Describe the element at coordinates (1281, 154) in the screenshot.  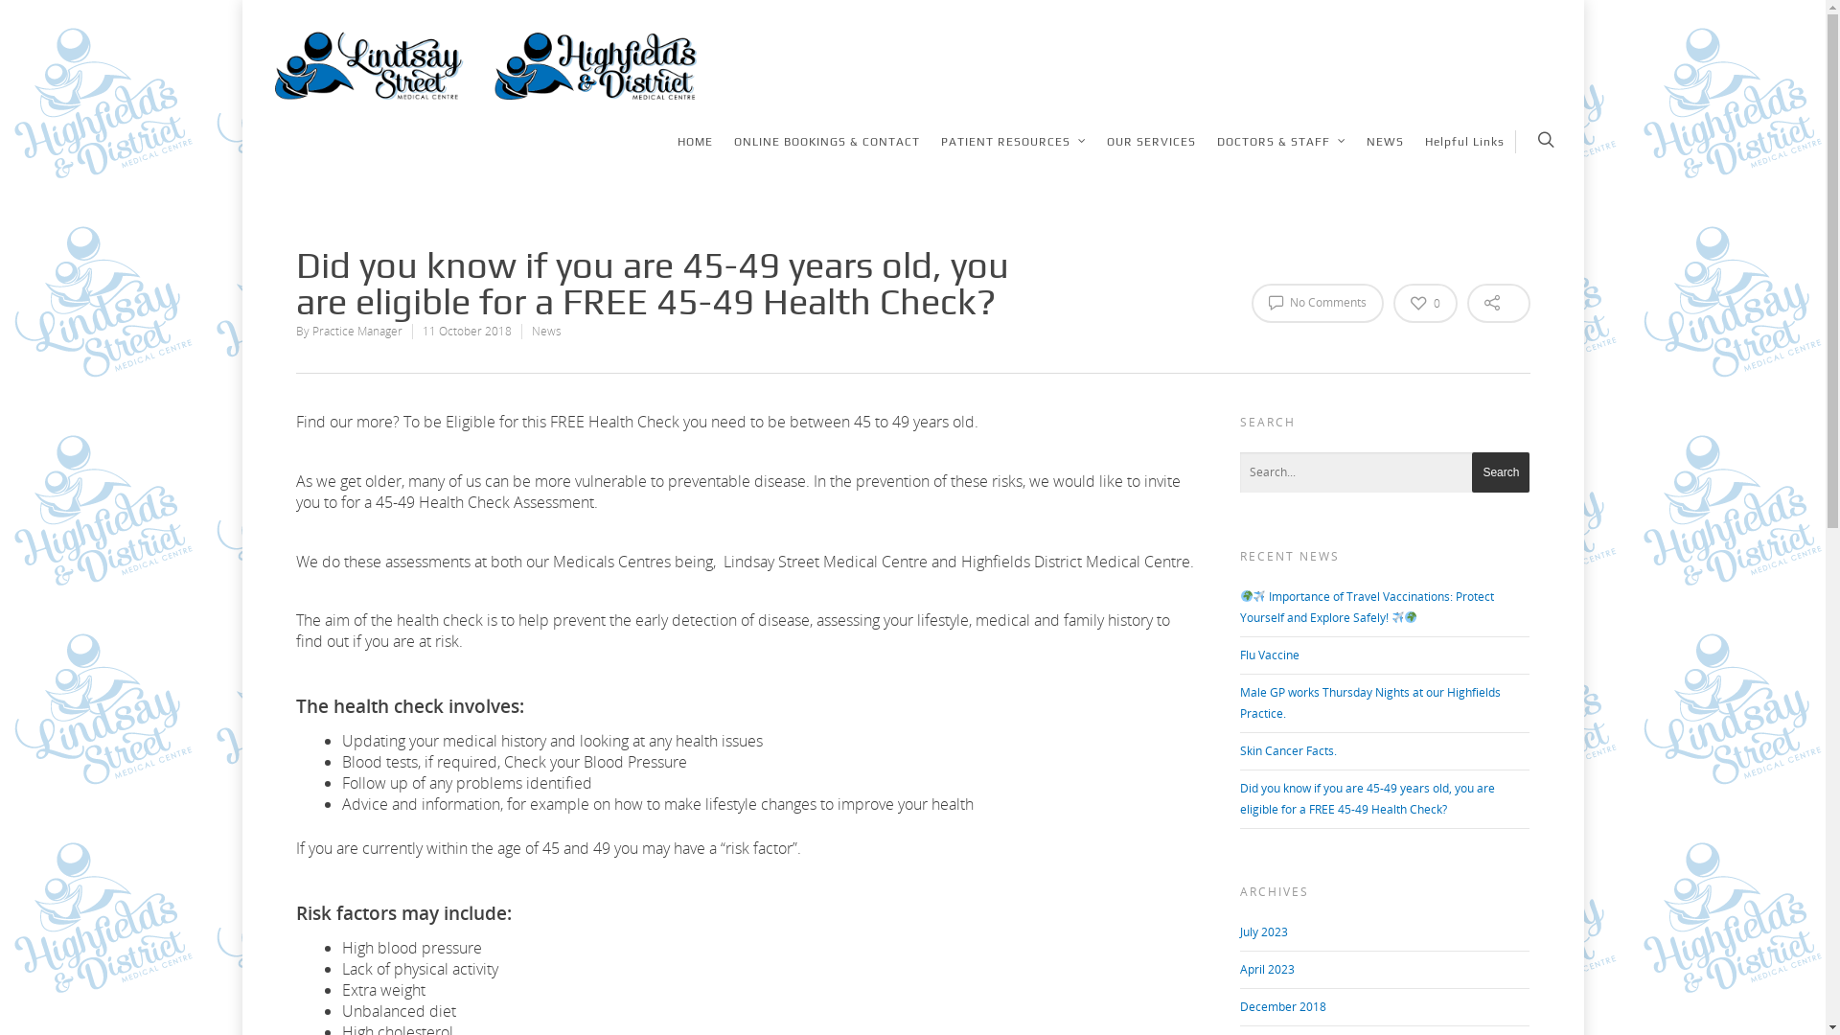
I see `'DOCTORS & STAFF'` at that location.